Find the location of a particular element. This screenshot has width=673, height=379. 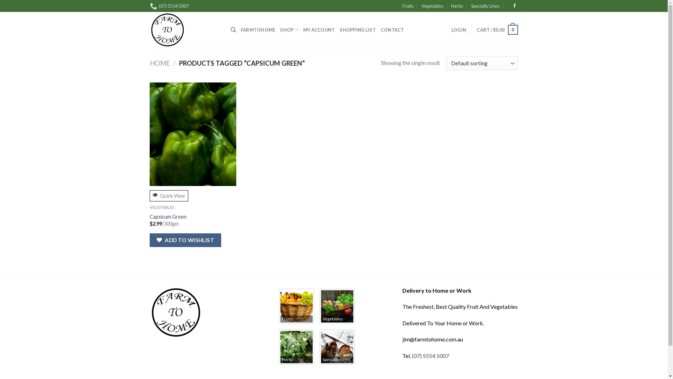

'SHOPPING LIST' is located at coordinates (357, 29).